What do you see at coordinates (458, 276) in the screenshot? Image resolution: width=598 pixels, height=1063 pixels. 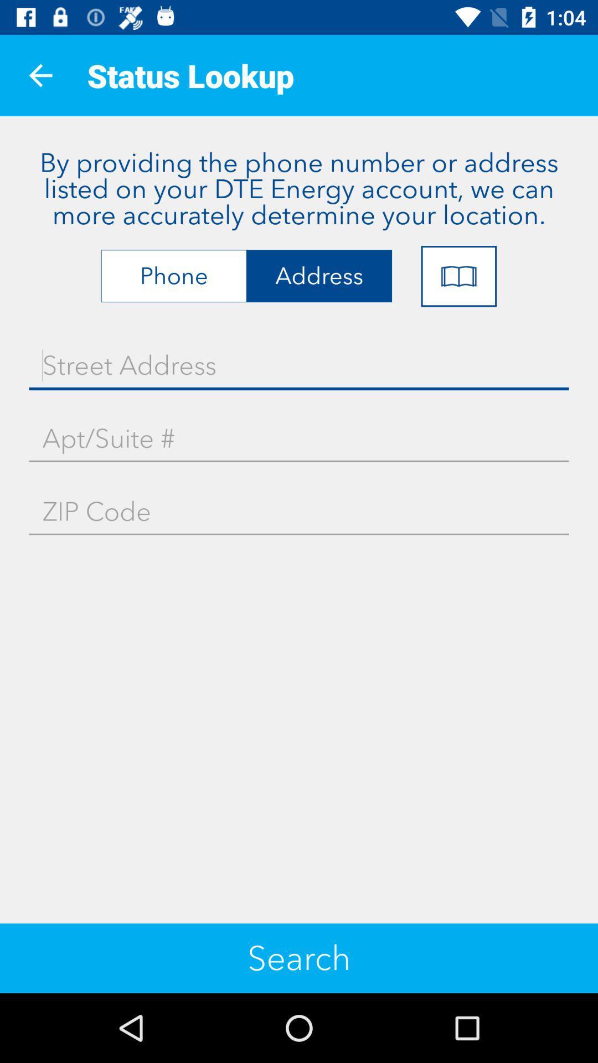 I see `the book icon` at bounding box center [458, 276].